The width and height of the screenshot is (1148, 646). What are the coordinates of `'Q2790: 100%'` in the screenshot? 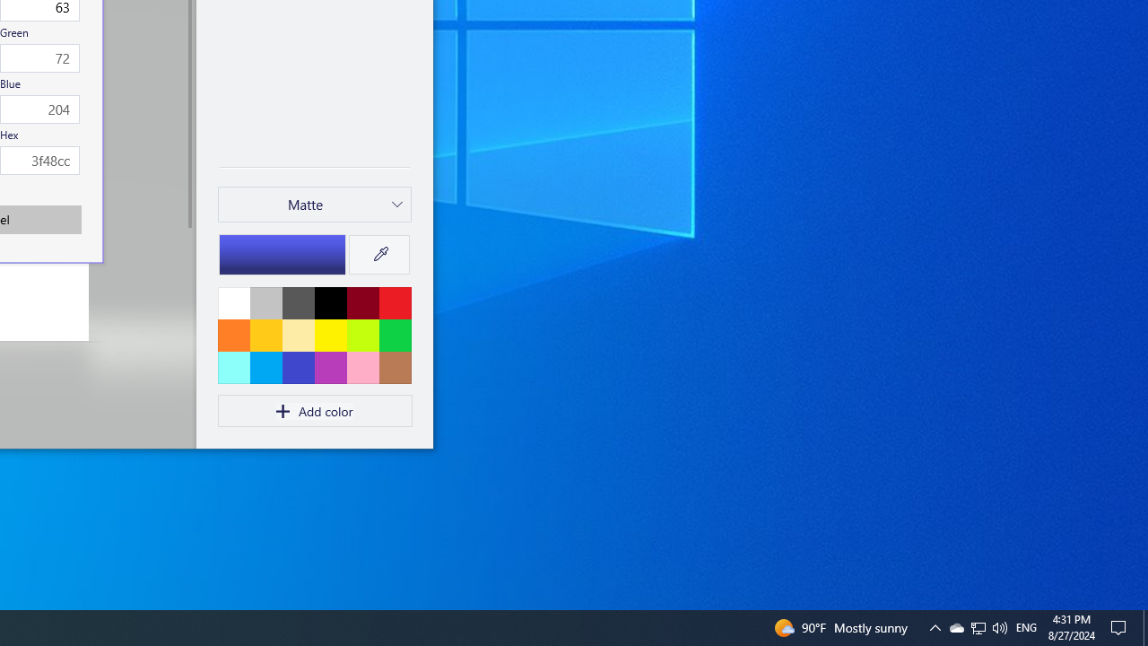 It's located at (978, 626).